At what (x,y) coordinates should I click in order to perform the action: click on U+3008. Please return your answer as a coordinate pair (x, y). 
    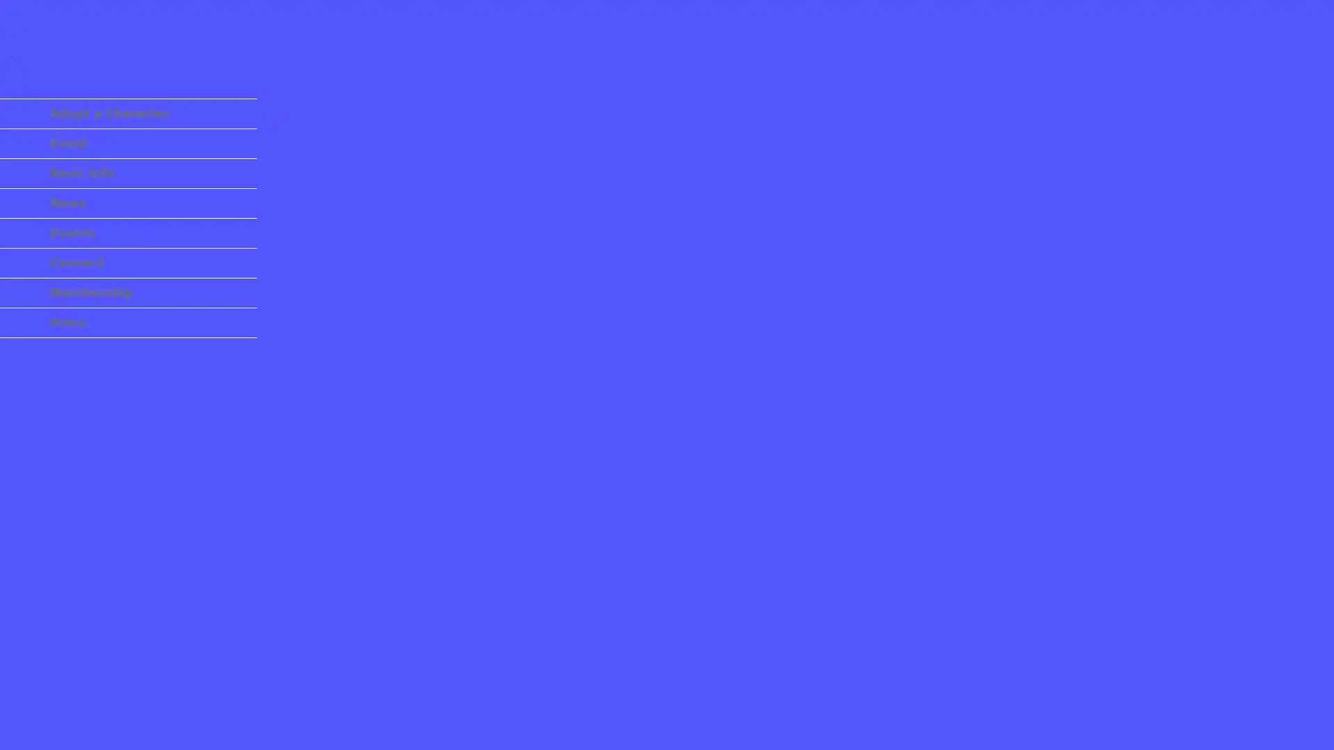
    Looking at the image, I should click on (957, 486).